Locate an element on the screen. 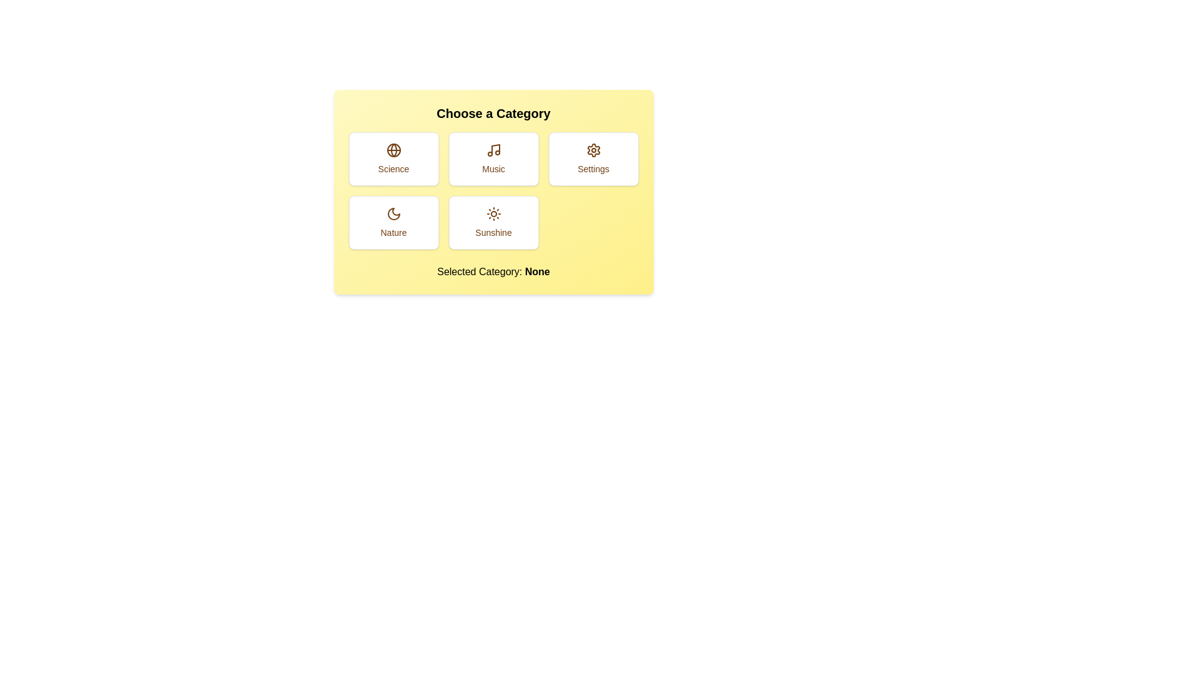  the text label located below the gear icon in the top-right corner of the grid layout, which is inside a white box on a yellow background is located at coordinates (593, 168).